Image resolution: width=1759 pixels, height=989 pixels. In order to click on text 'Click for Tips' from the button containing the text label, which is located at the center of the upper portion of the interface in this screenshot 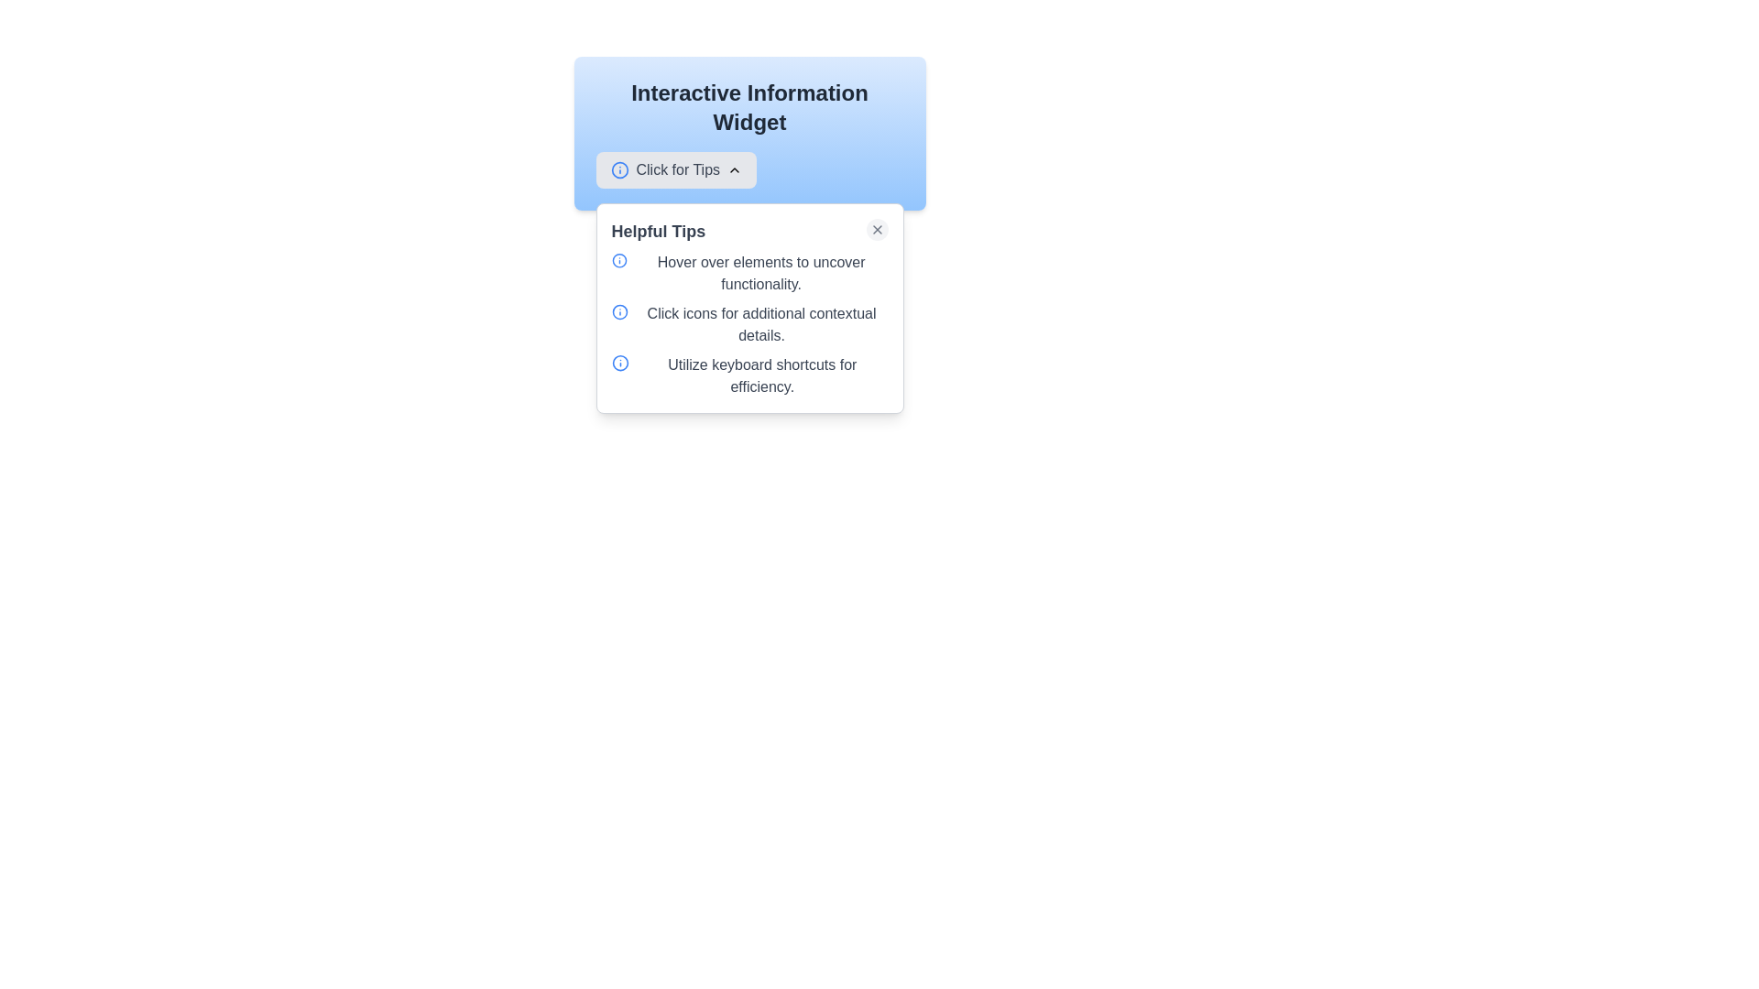, I will do `click(677, 169)`.